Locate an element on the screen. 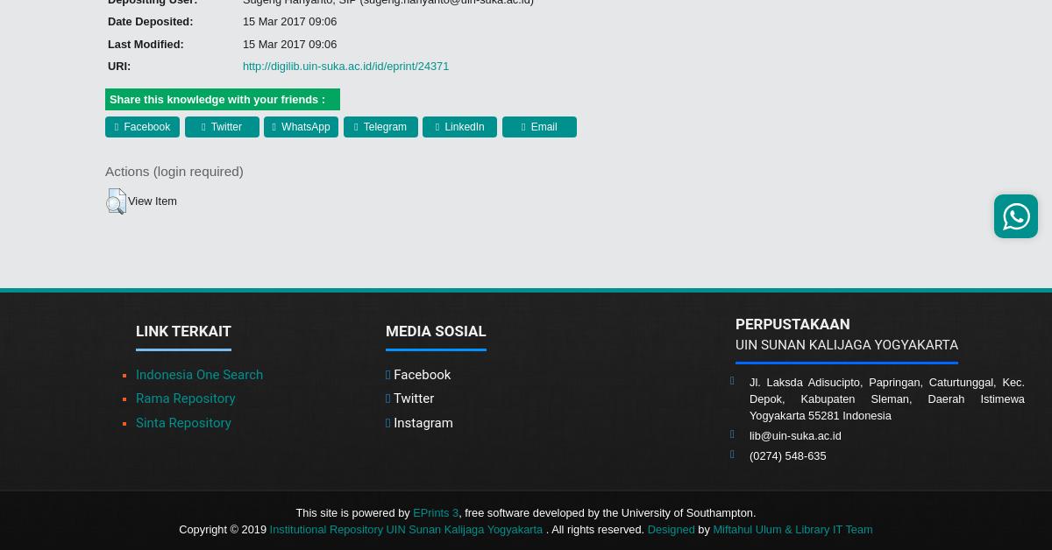 The height and width of the screenshot is (550, 1052). 'View Item' is located at coordinates (128, 200).